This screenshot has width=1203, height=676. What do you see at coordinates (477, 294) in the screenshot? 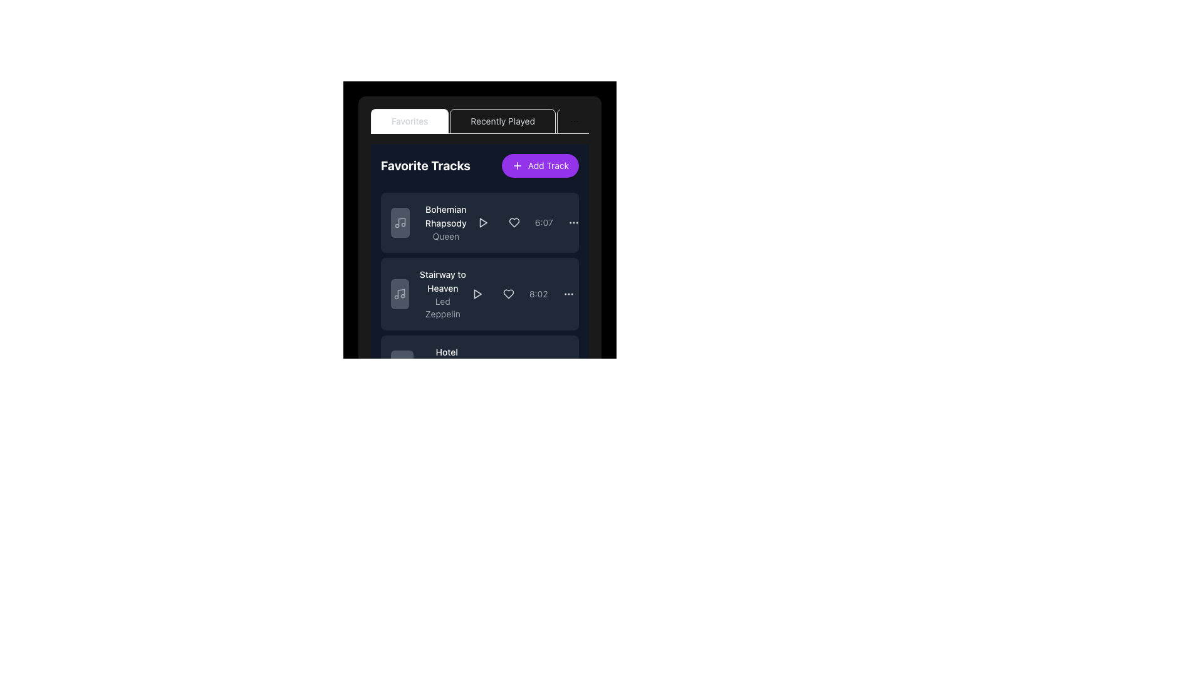
I see `the play button for the song 'Stairway to Heaven' by Led Zeppelin located in the second row of the 'Favorite Tracks' section to initiate playback` at bounding box center [477, 294].